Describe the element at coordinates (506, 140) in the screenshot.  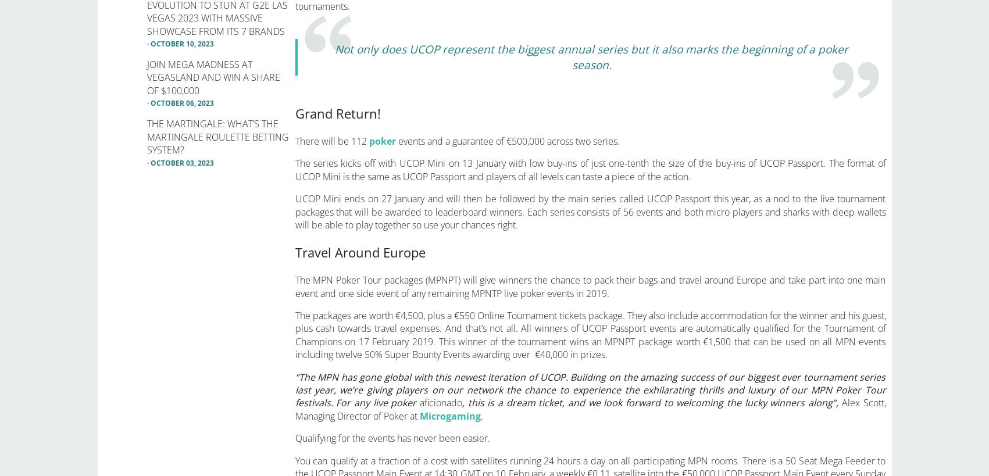
I see `'events and a guarantee of €500,000 across two series.'` at that location.